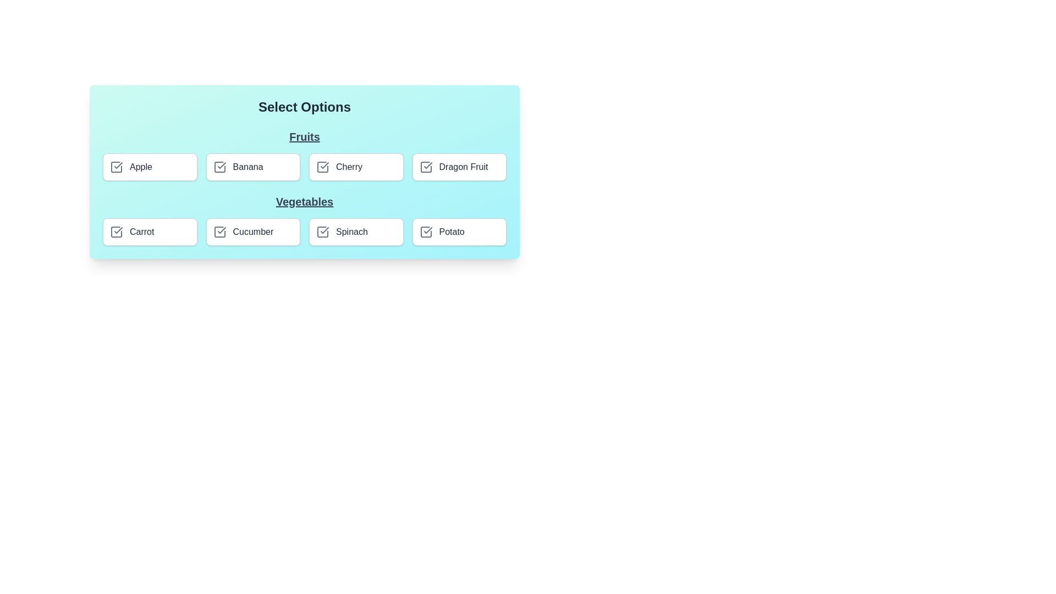 This screenshot has height=594, width=1056. I want to click on the text label 'Vegetables' which is styled with a bold, large font and an underline, located centrally in its section above the grid of vegetable options, so click(304, 201).